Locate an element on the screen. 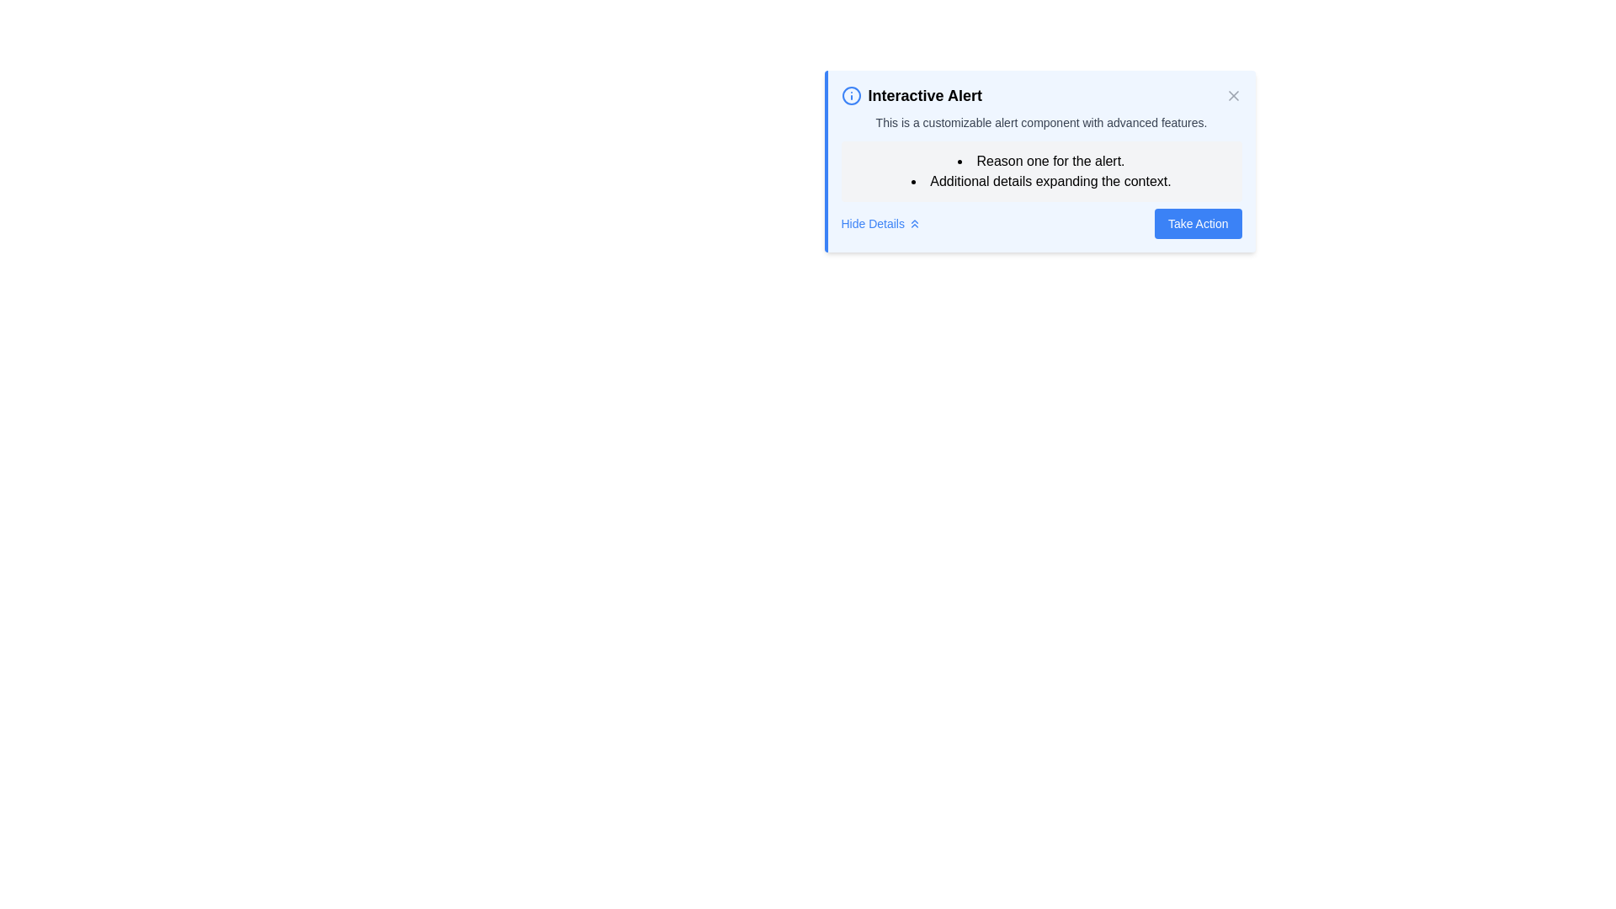  the close/dismiss icon represented by two intersecting lines in the top-right corner of the 'Interactive Alert' dialog is located at coordinates (1233, 96).